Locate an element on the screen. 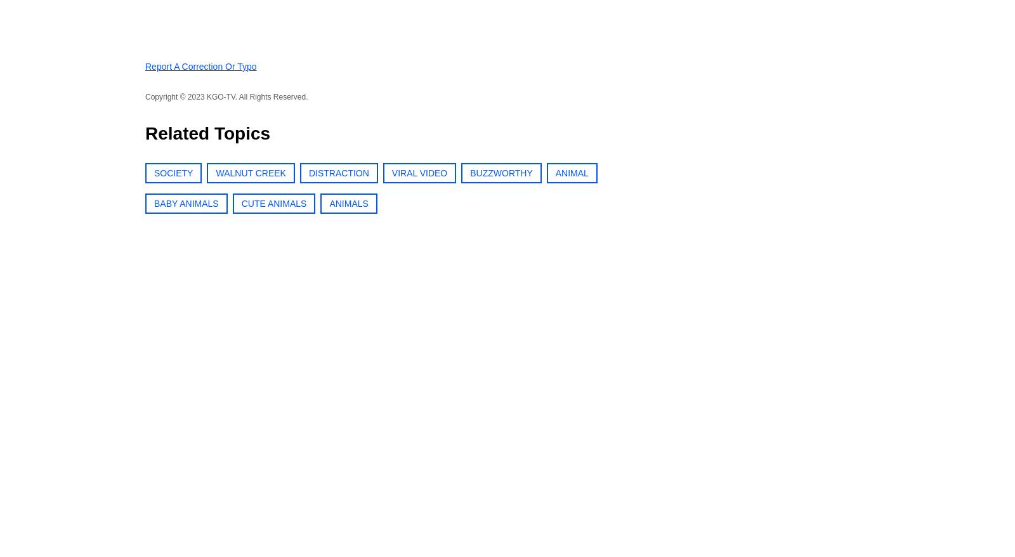 The width and height of the screenshot is (1015, 557). 'Report a correction or typo' is located at coordinates (200, 65).